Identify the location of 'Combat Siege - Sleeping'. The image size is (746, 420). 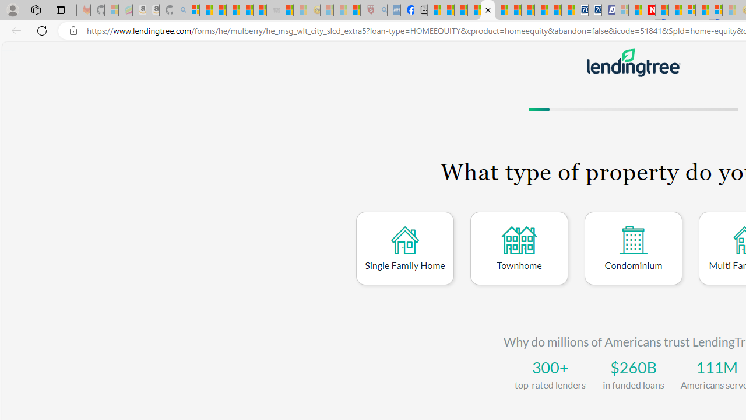
(273, 10).